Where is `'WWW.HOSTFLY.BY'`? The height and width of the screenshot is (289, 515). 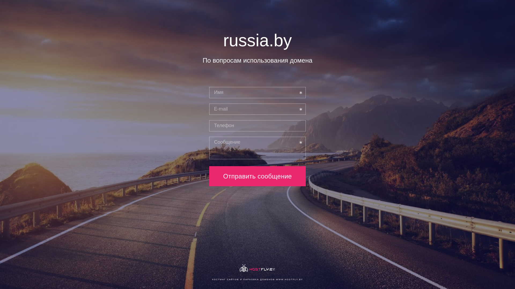 'WWW.HOSTFLY.BY' is located at coordinates (289, 279).